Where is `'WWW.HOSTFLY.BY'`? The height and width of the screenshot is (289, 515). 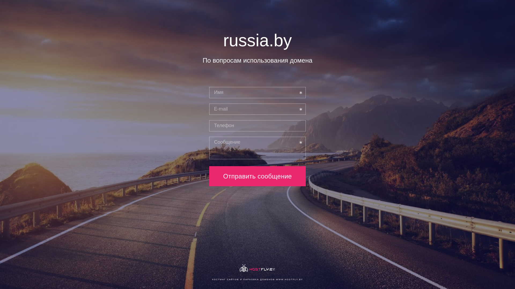 'WWW.HOSTFLY.BY' is located at coordinates (289, 279).